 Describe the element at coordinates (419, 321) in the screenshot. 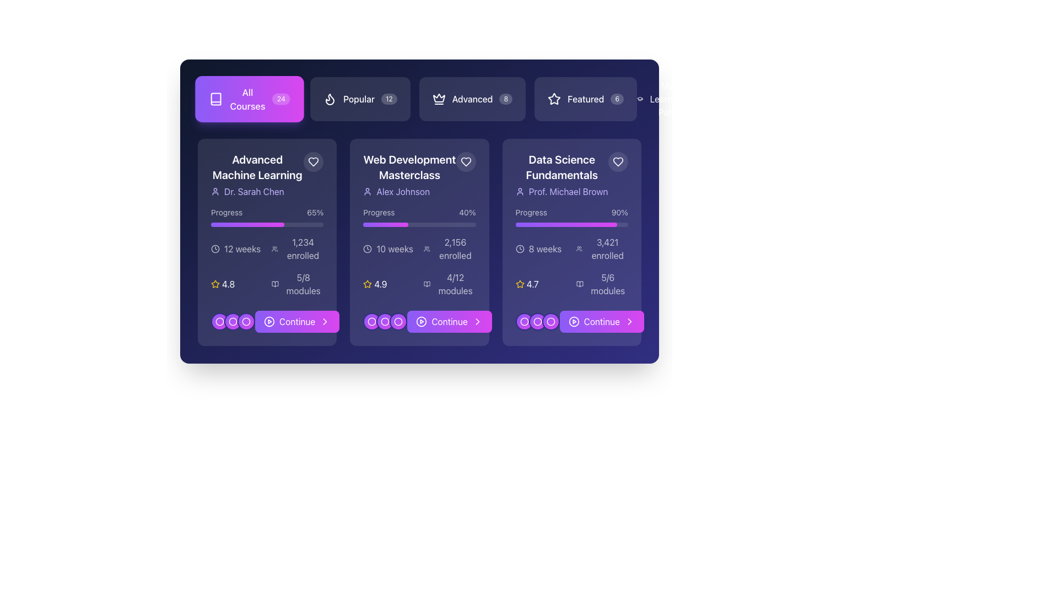

I see `the 'Continue' button located at the bottom-right of the 'Web Development Masterclass' card, styled with a gradient from violet to fuchsia` at that location.